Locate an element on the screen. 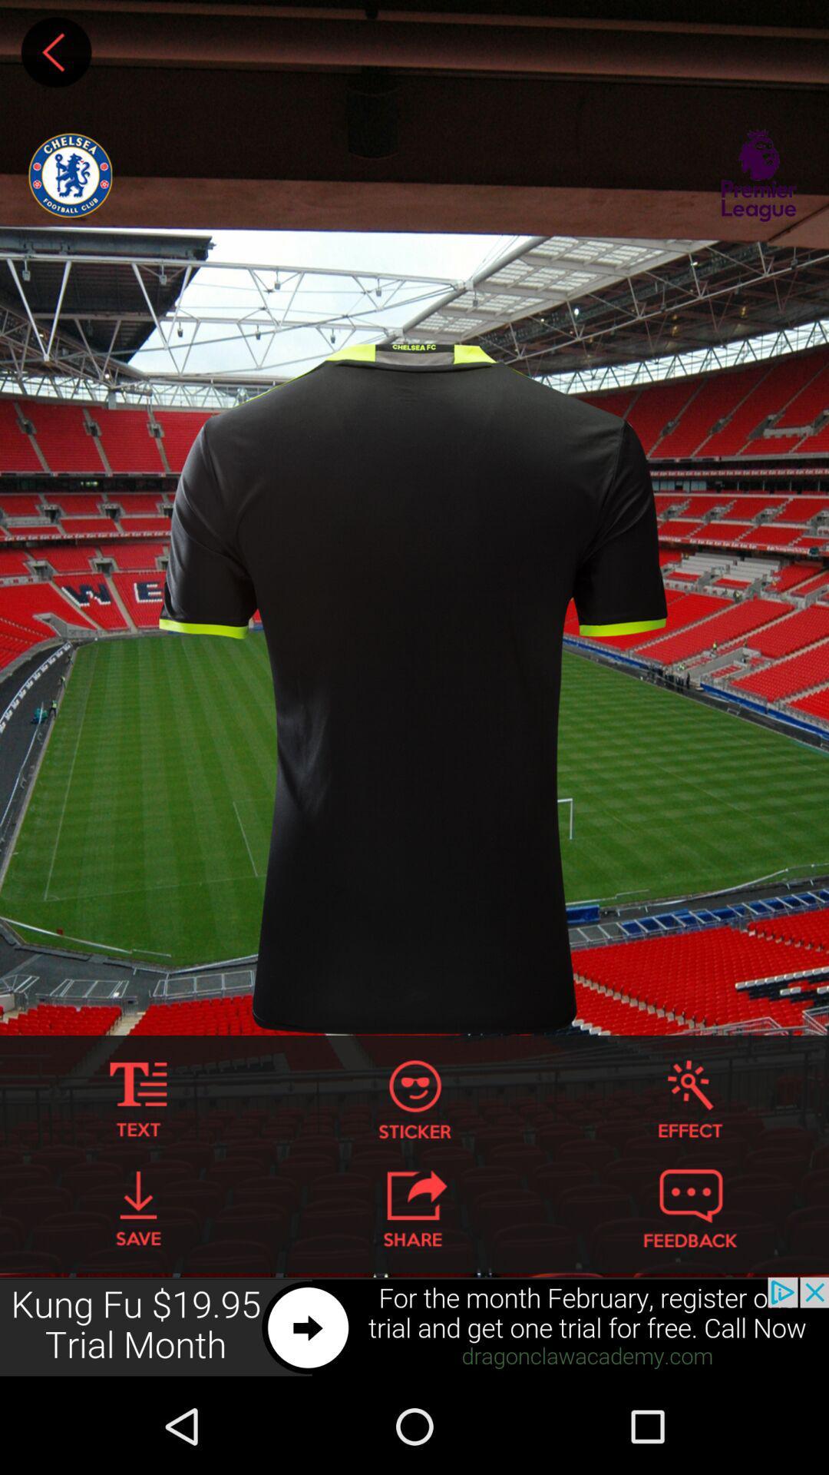  share the image is located at coordinates (414, 1208).